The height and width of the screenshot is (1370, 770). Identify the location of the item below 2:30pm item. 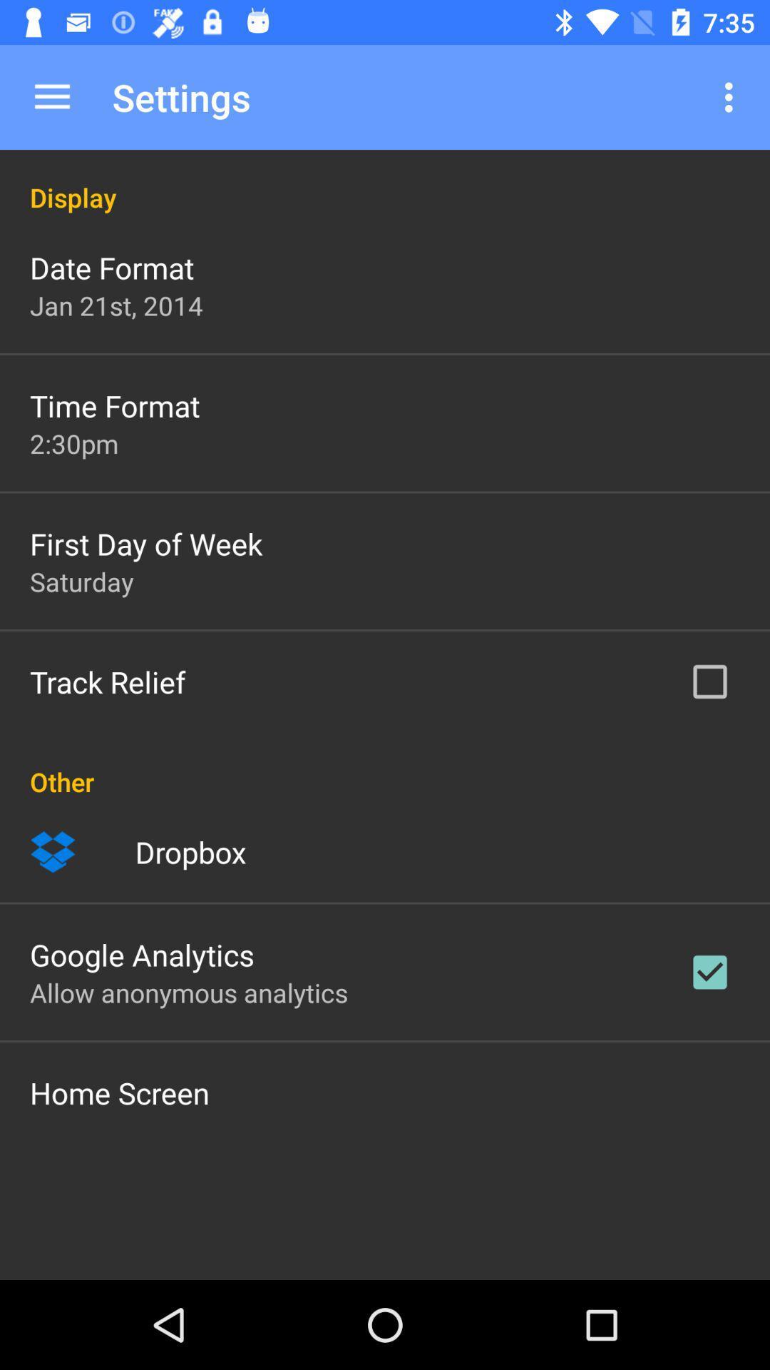
(146, 543).